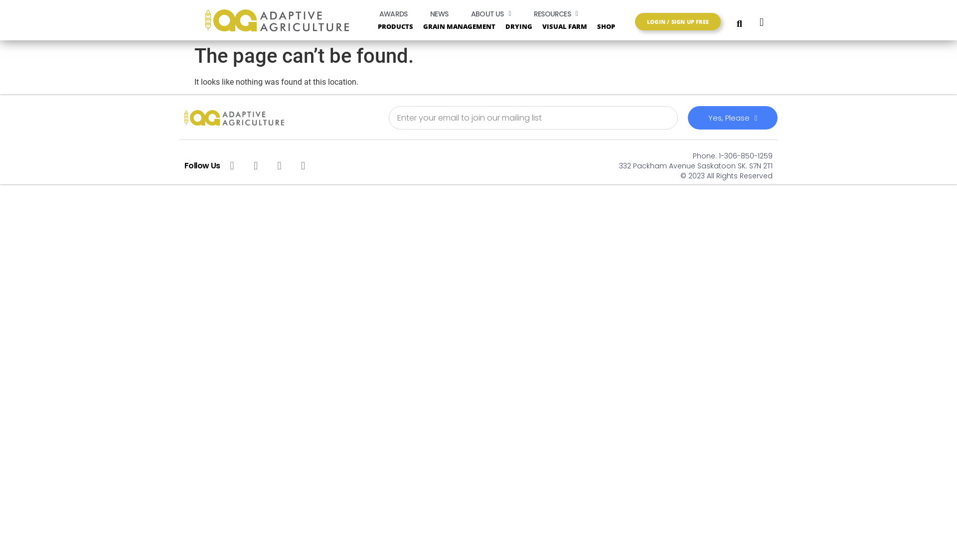 The height and width of the screenshot is (538, 957). Describe the element at coordinates (518, 25) in the screenshot. I see `'DRYING'` at that location.